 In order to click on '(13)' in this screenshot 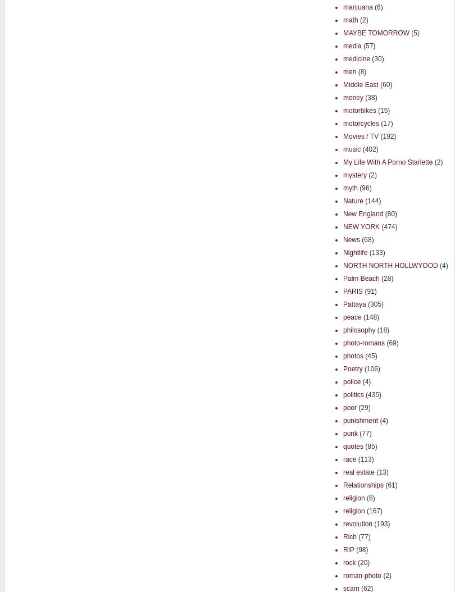, I will do `click(381, 471)`.